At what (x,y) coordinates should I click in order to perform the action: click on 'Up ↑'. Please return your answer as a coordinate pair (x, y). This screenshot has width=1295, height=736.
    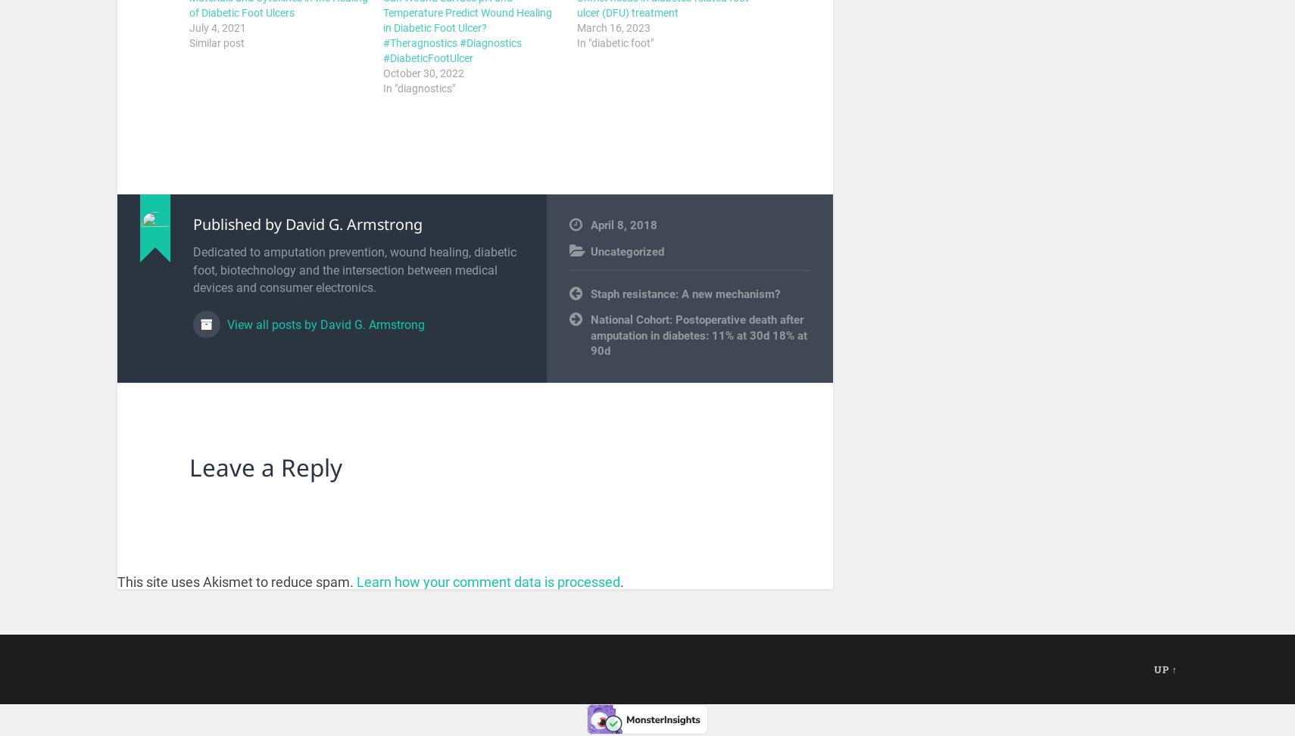
    Looking at the image, I should click on (1165, 668).